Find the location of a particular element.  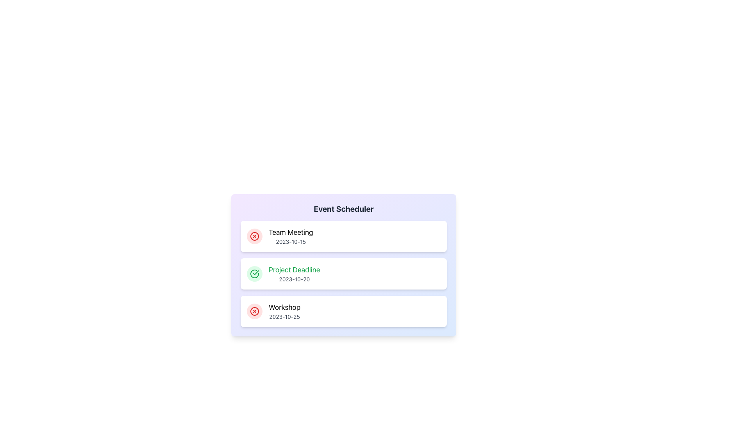

text information displayed in the 'Workshop' text block with the date '2023-10-25', positioned within the third item of the 'Event Scheduler' section is located at coordinates (273, 311).